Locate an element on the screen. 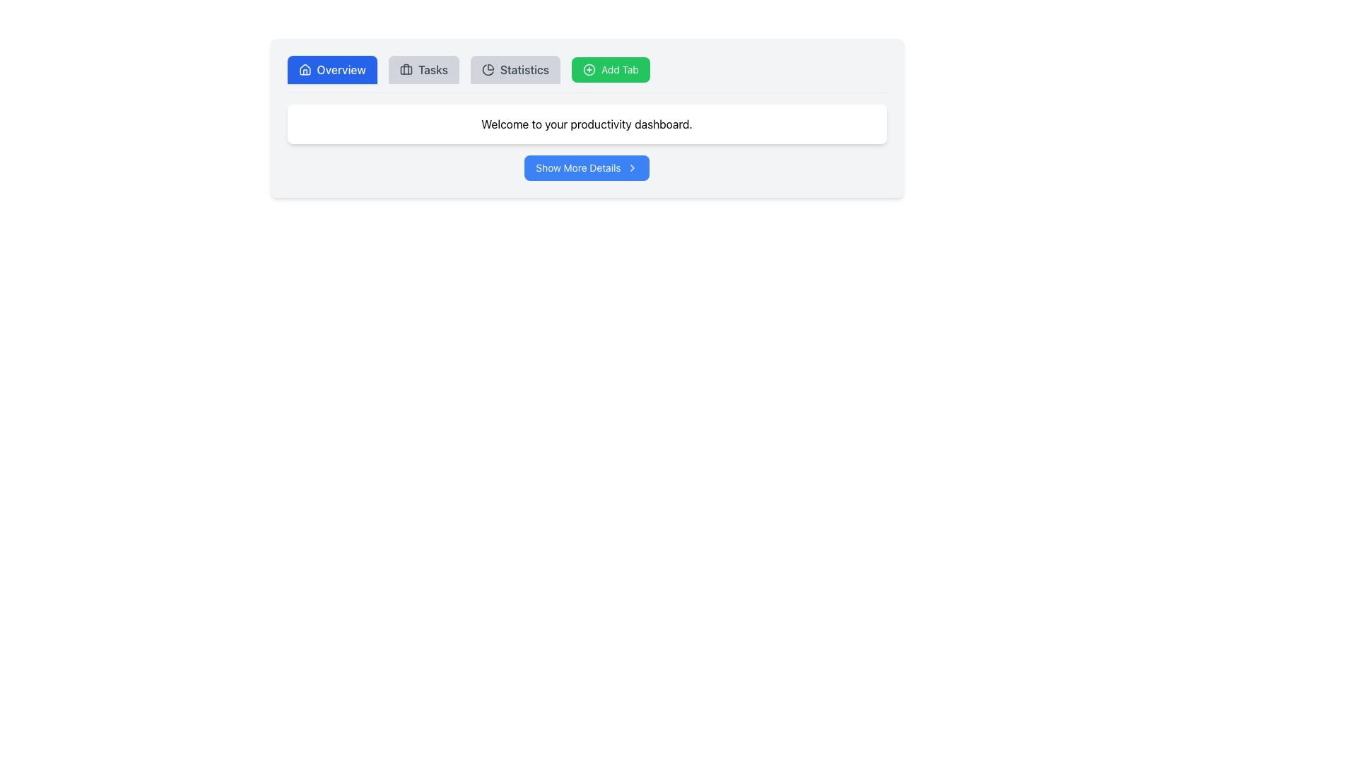  the Static Text Display Area which contains the text 'Welcome to your productivity dashboard.' is located at coordinates (587, 124).